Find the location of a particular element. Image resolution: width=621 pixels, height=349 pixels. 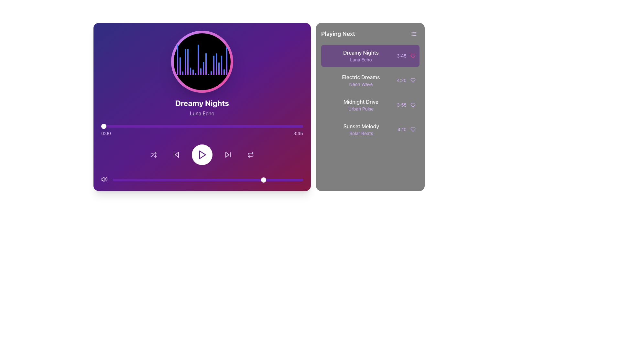

the graphical equalizer or visualizer located at the center of the main music player section is located at coordinates (202, 59).